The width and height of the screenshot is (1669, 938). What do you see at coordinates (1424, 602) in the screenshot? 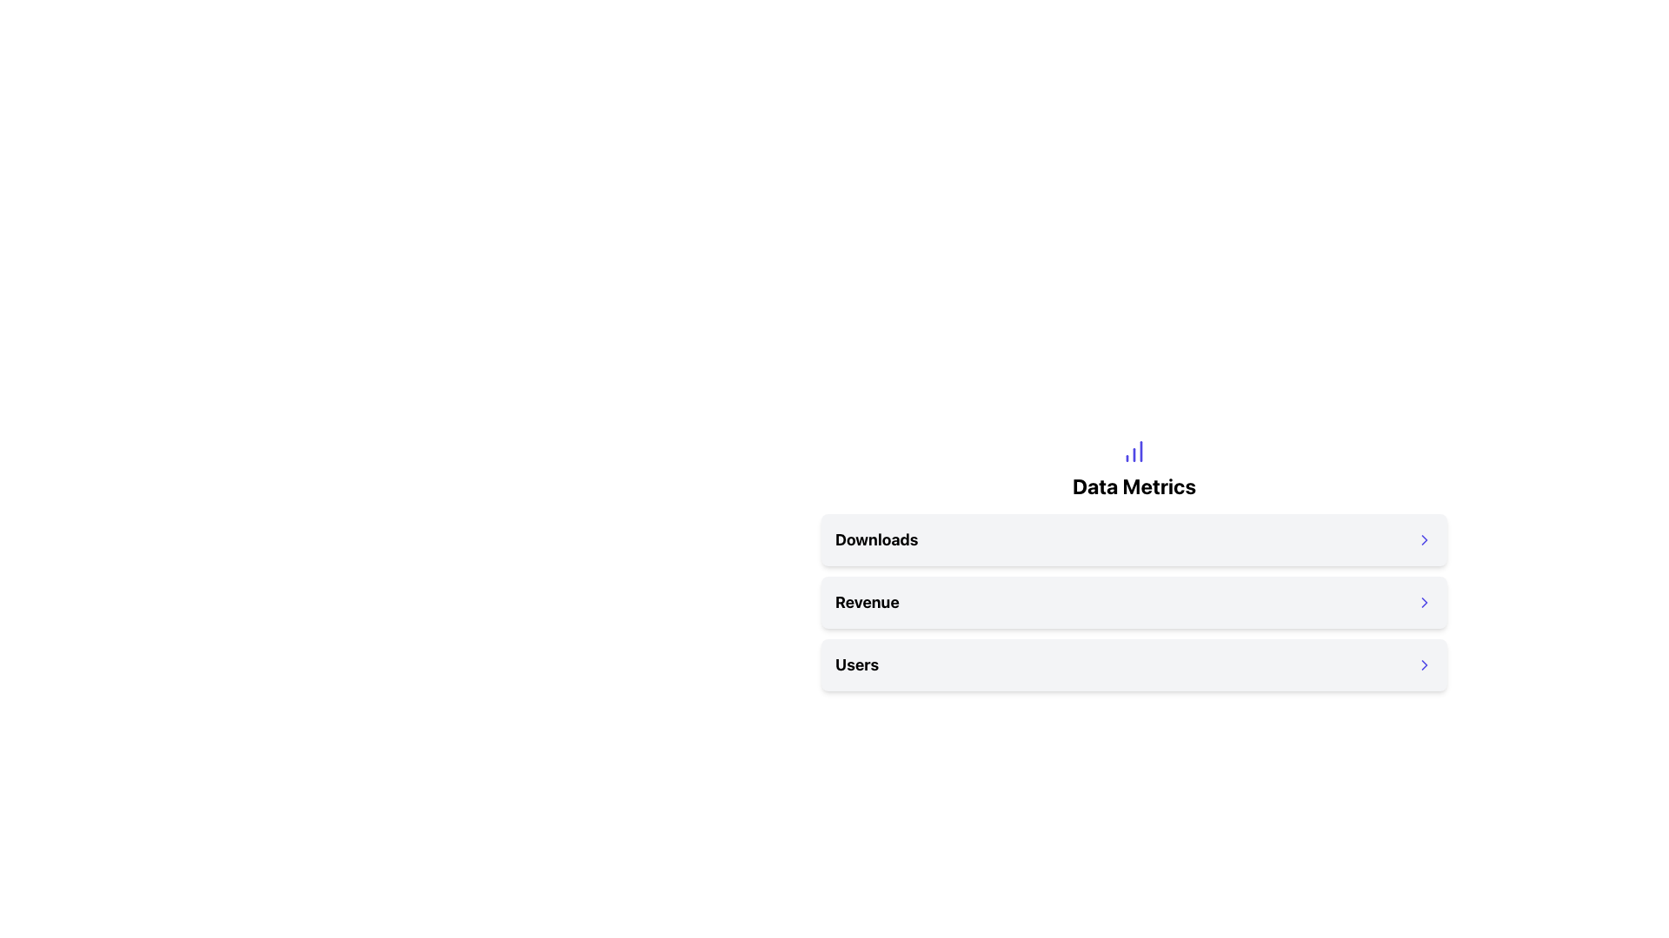
I see `the right-pointing chevron arrow icon located within the 'Revenue' list item` at bounding box center [1424, 602].